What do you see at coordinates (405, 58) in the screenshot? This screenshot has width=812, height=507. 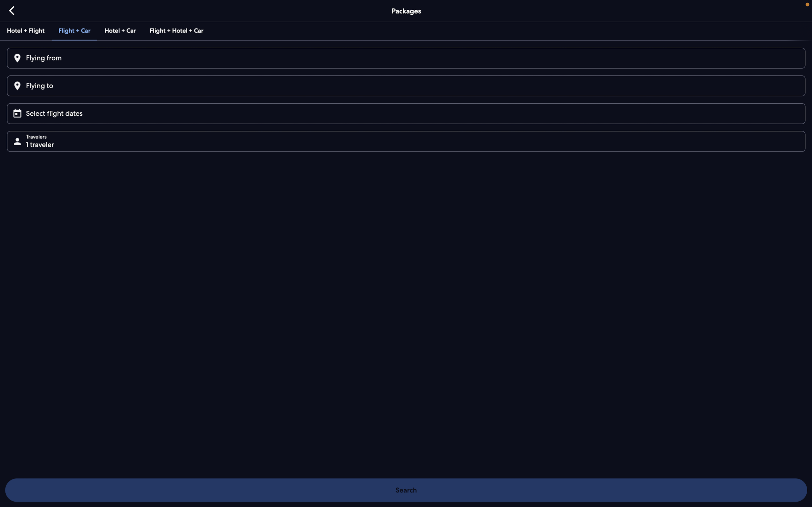 I see `and type "New Delhi" in the departure field` at bounding box center [405, 58].